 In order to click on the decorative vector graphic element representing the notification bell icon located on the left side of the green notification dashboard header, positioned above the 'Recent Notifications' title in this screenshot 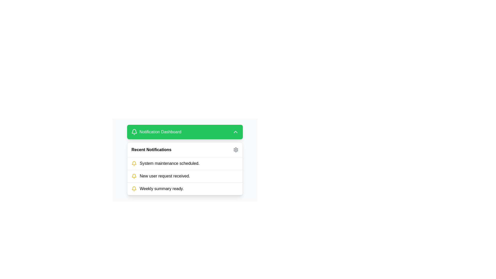, I will do `click(134, 175)`.